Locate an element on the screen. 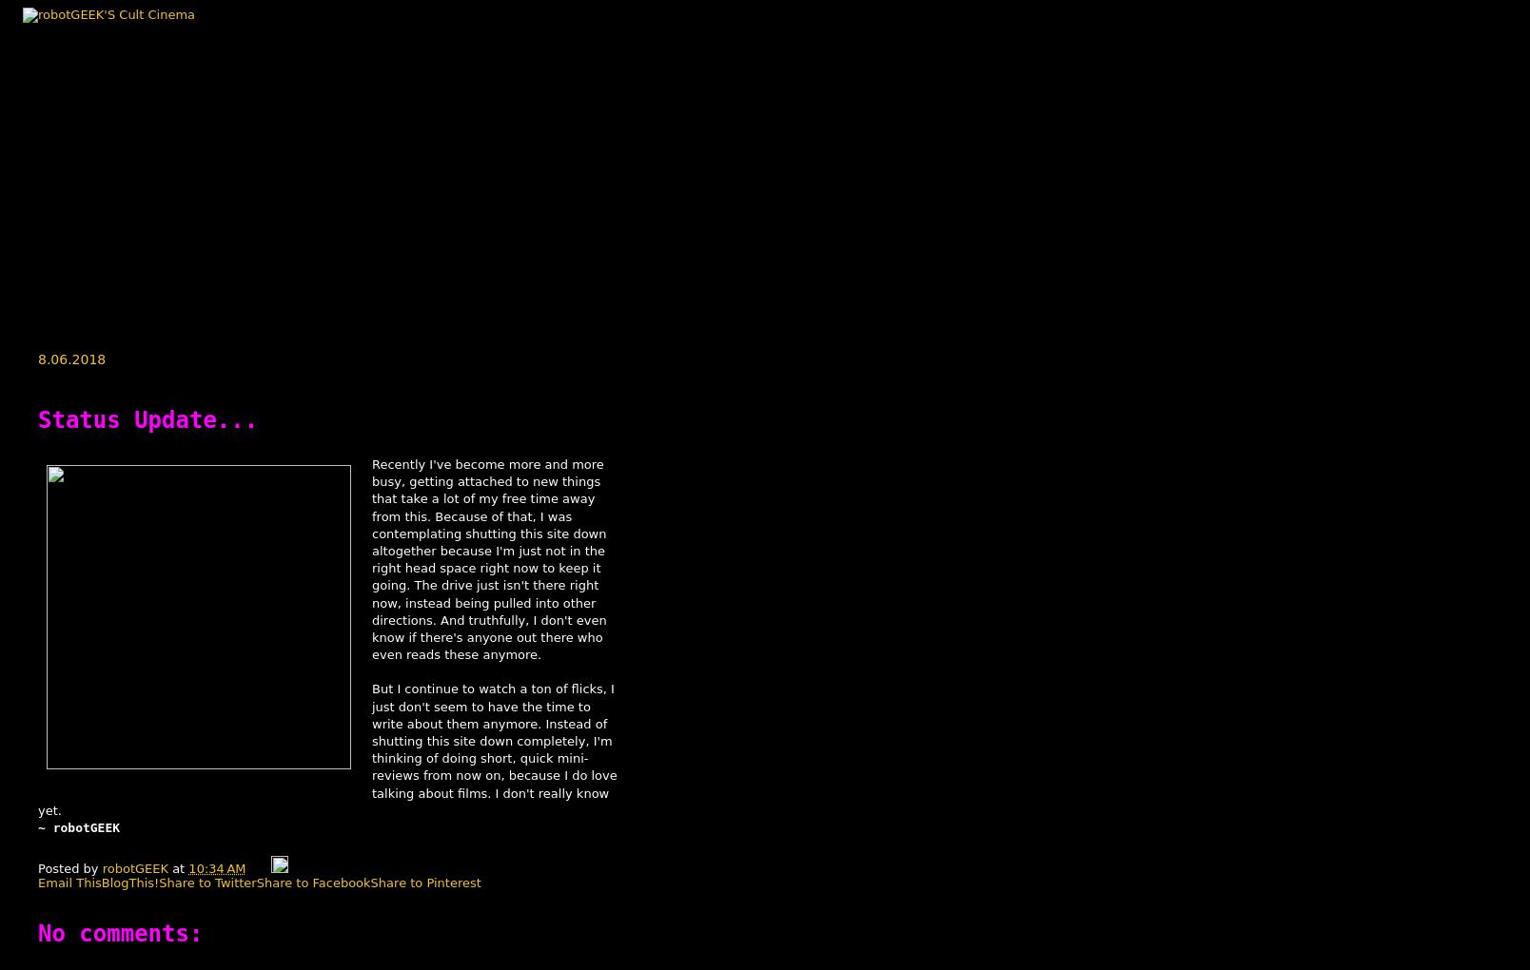 The image size is (1530, 970). 'Recently I've become more and more busy, getting attached to new things that take a lot of my free time away from this. Because of that, I was contemplating shutting this site down altogether because I'm just not in the right head space right now to keep it going. The drive just isn't there right now, instead being pulled into other directions. And truthfully, I don't even know if there's anyone out there who even reads these anymore.' is located at coordinates (489, 559).